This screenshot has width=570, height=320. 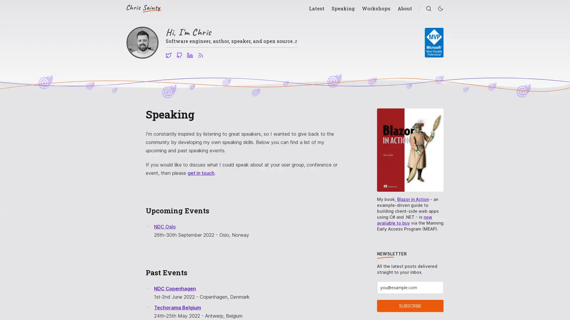 I want to click on Enable dark mode, so click(x=440, y=9).